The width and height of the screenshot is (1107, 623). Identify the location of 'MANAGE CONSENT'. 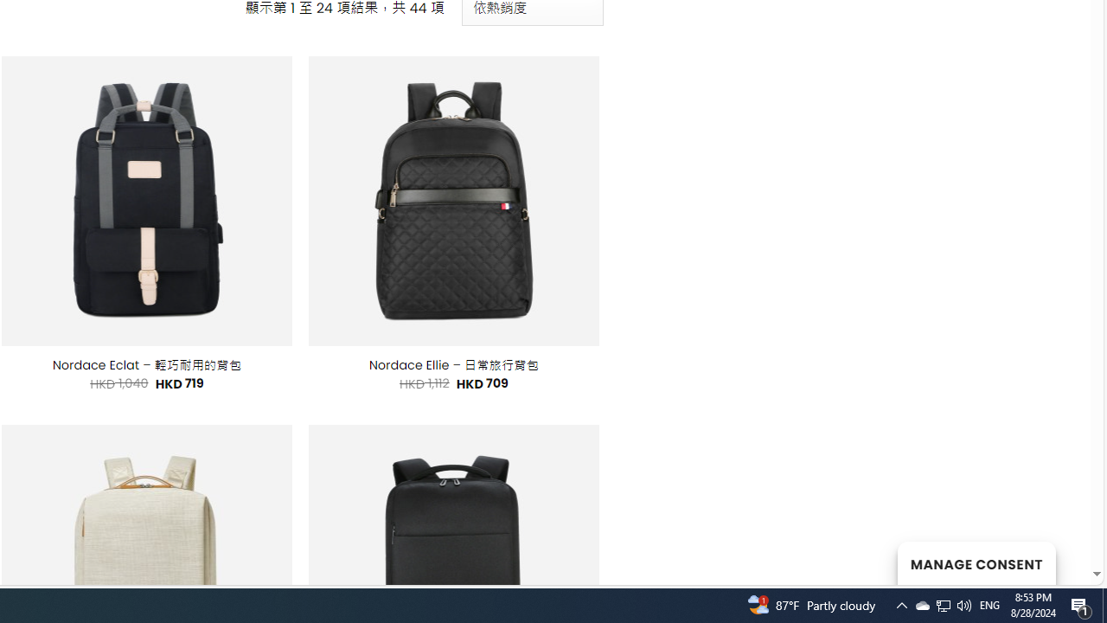
(976, 562).